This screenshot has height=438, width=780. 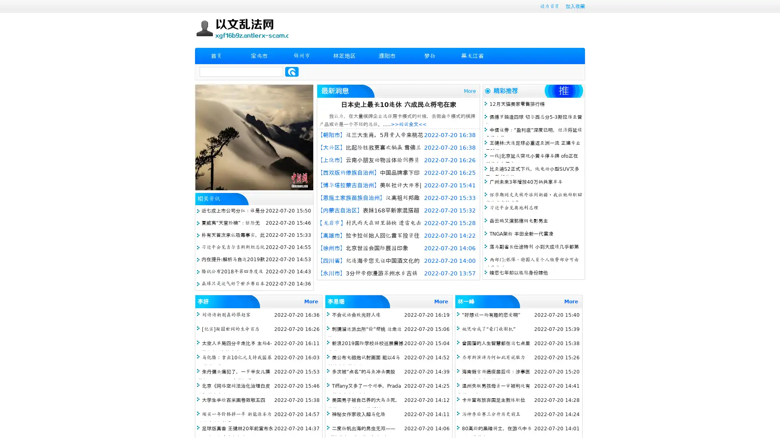 I want to click on Search, so click(x=292, y=71).